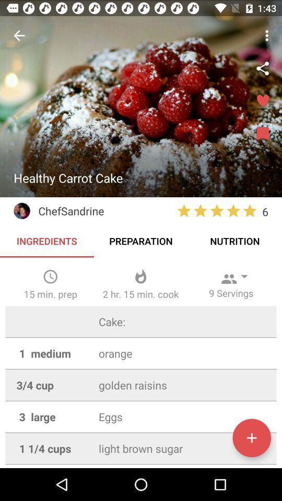 This screenshot has height=501, width=282. I want to click on bookmark recipe, so click(262, 134).